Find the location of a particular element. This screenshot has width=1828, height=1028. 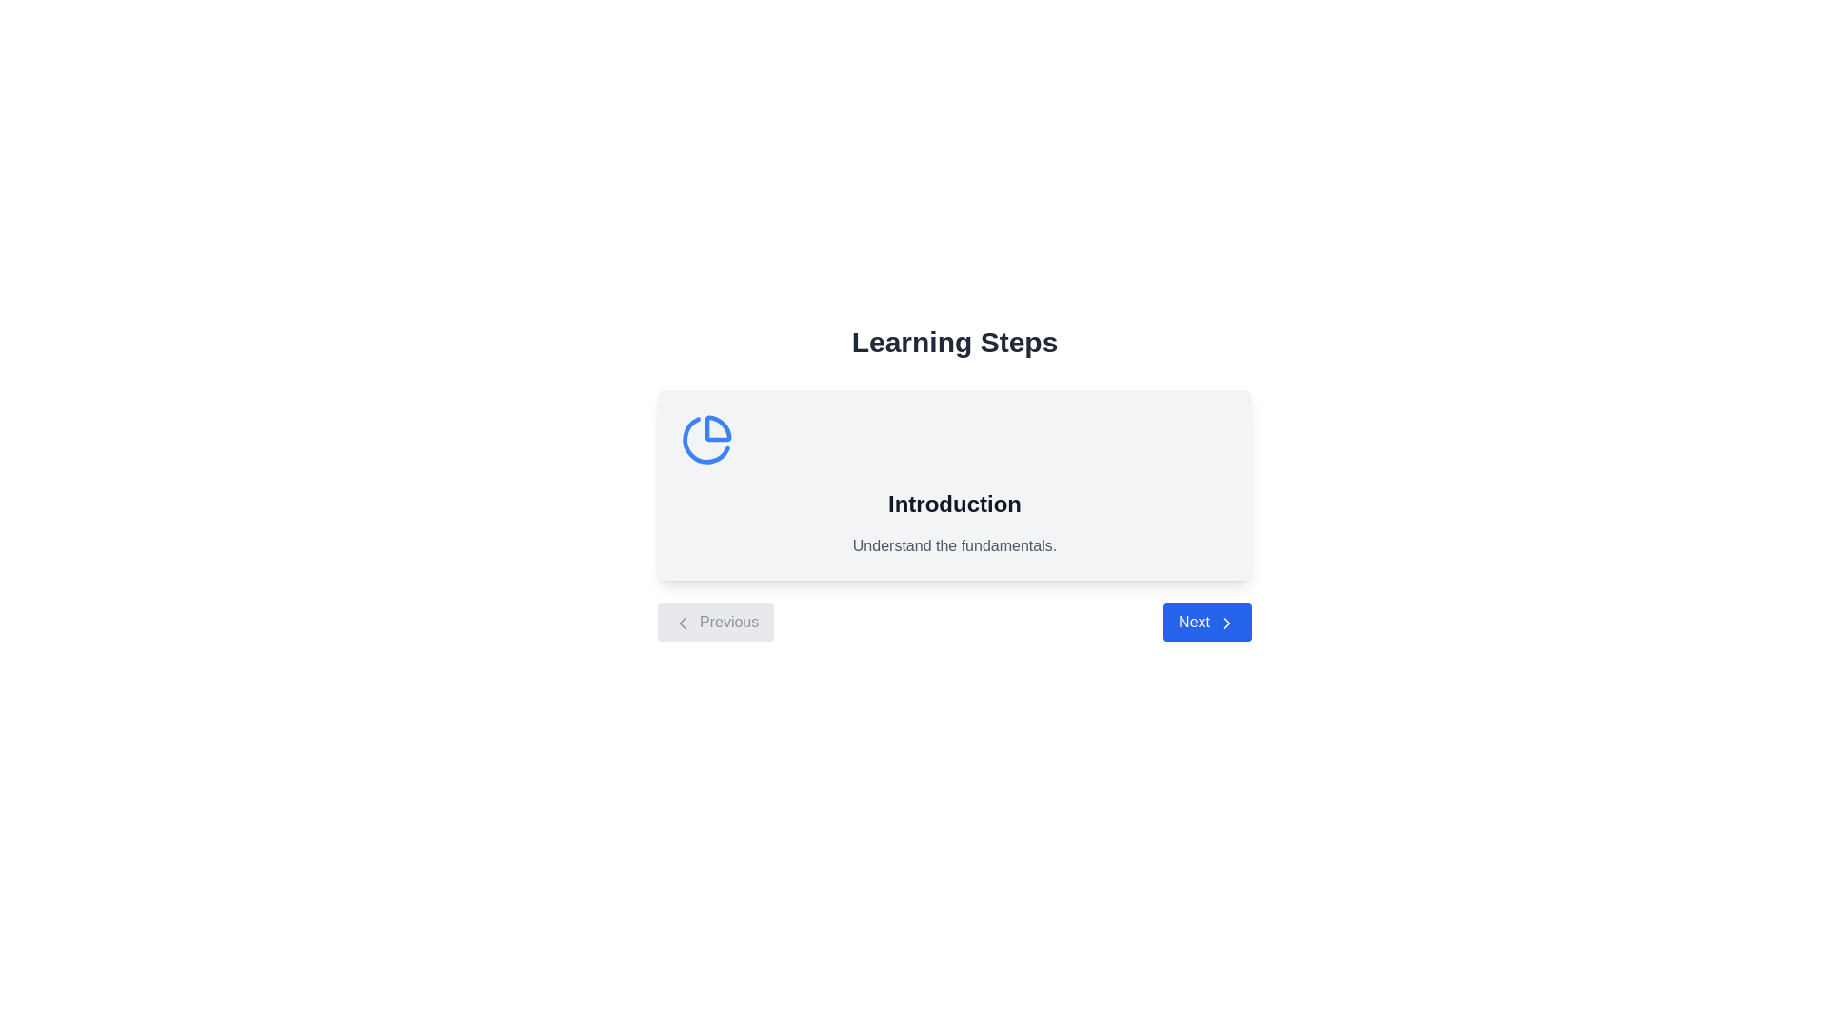

the navigational button to go to the previous step in the Learning Steps section, located at the bottom-left of the card, immediately to the left of the Next button is located at coordinates (715, 623).